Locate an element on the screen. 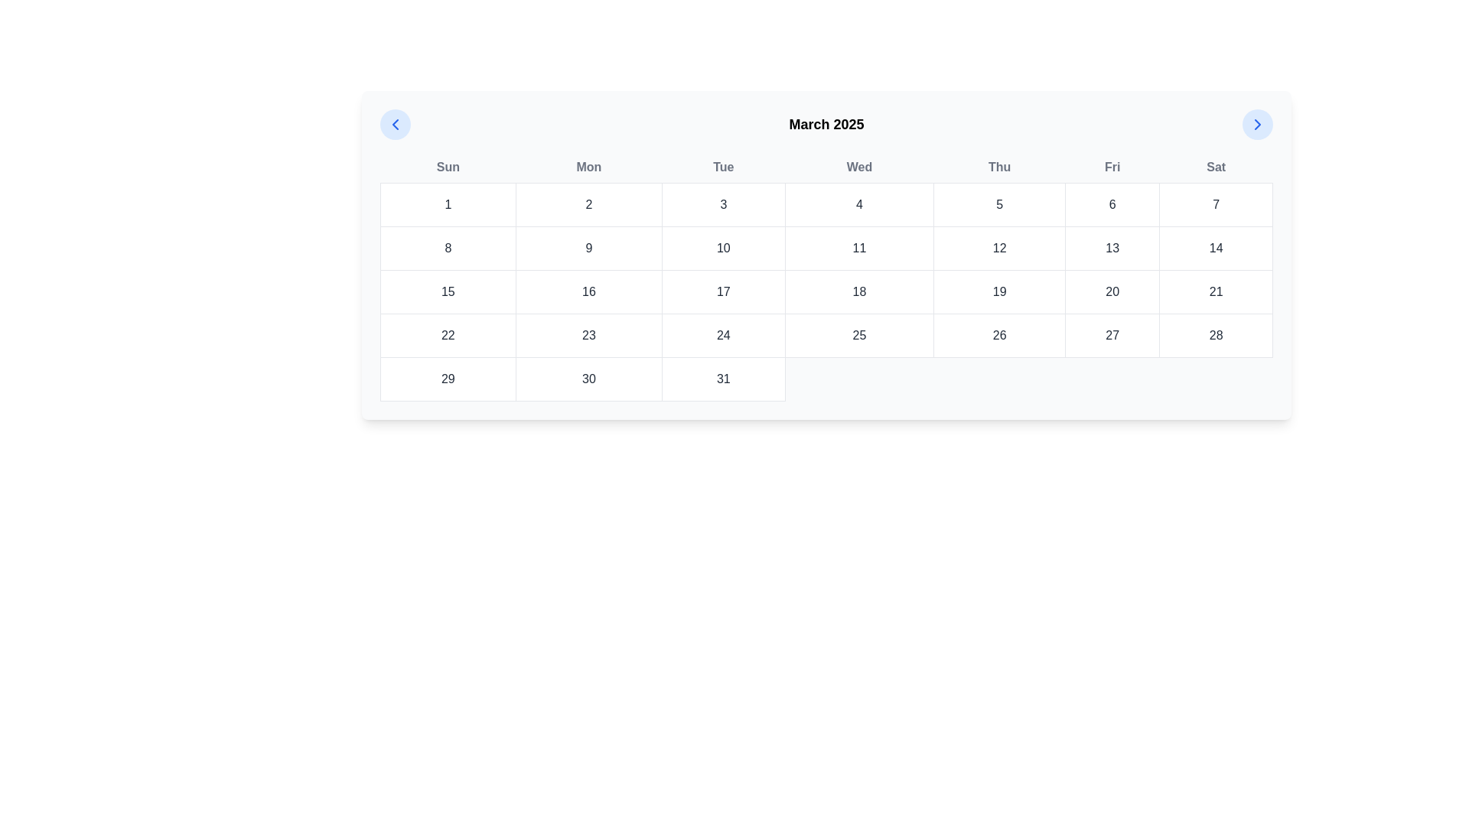  the text label displaying 'Wed', which is the fourth weekday label in a horizontal arrangement of labels for a calendar is located at coordinates (859, 167).